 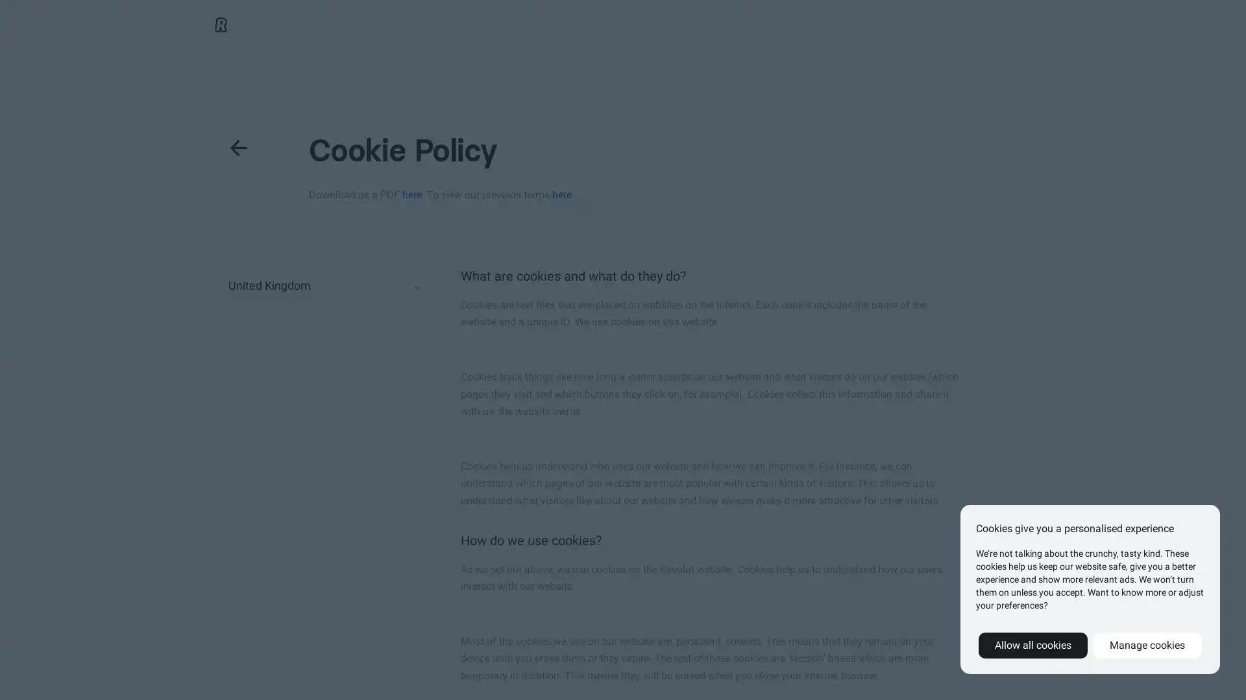 What do you see at coordinates (1147, 645) in the screenshot?
I see `Manage cookies` at bounding box center [1147, 645].